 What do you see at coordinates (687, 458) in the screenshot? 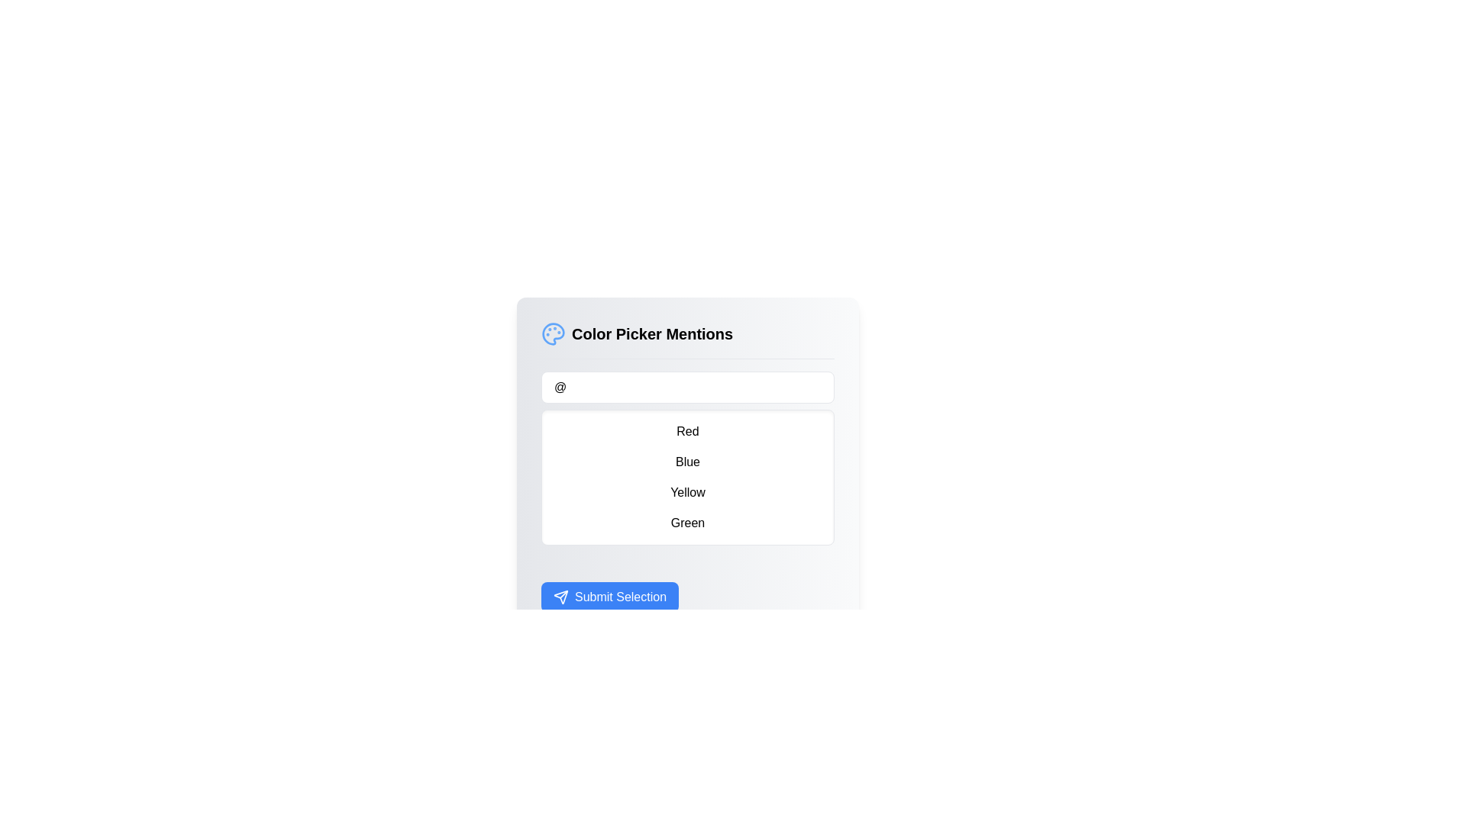
I see `the second color option item labeled 'Blue' in the color selection list` at bounding box center [687, 458].